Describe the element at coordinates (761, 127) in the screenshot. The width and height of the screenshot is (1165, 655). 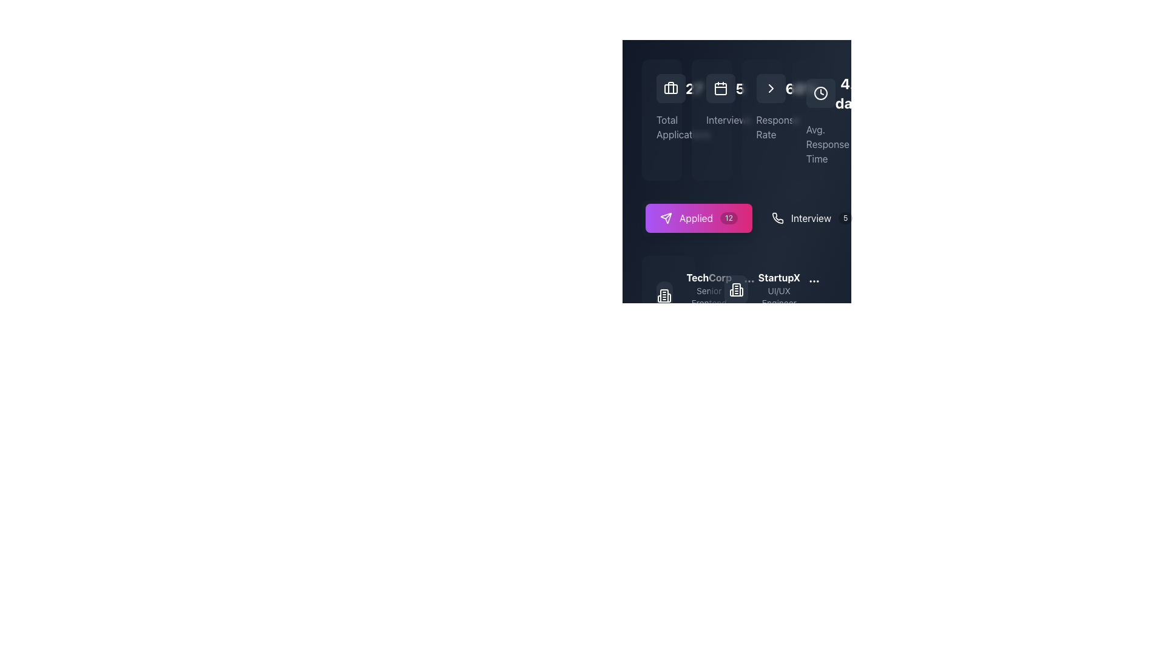
I see `the 'Response Rate' text label that describes the percentage value, located centrally beneath the '68%' metric in the interface` at that location.